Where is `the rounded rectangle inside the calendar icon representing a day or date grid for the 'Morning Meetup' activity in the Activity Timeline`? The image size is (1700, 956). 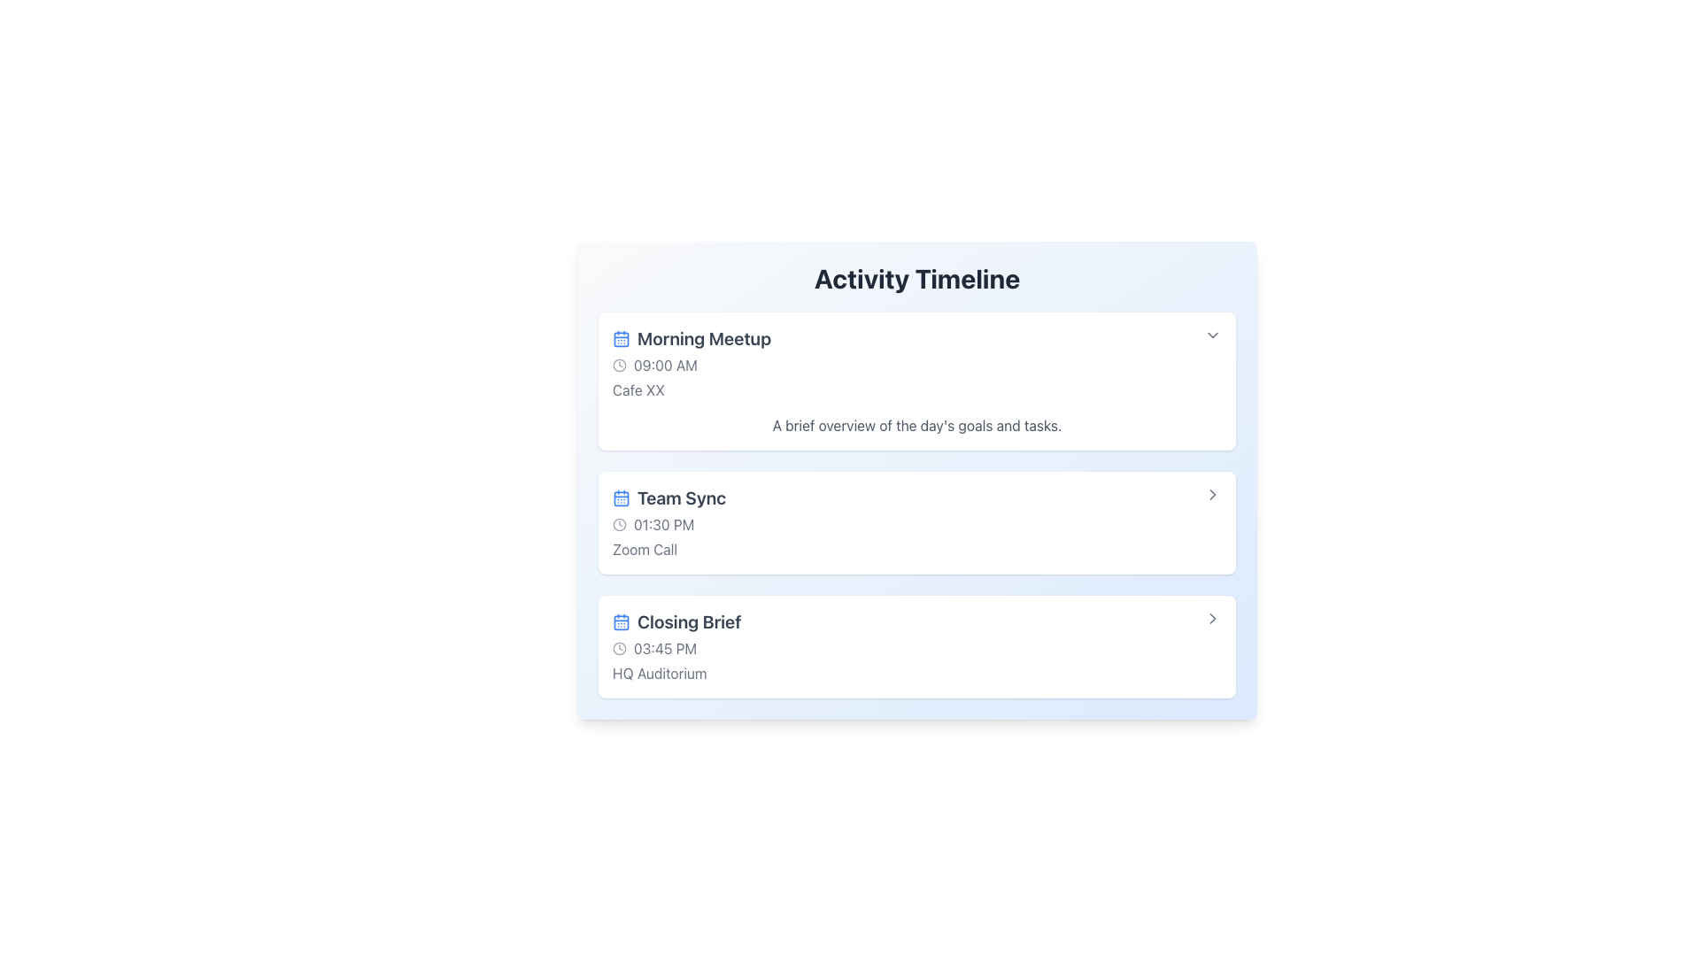 the rounded rectangle inside the calendar icon representing a day or date grid for the 'Morning Meetup' activity in the Activity Timeline is located at coordinates (621, 498).